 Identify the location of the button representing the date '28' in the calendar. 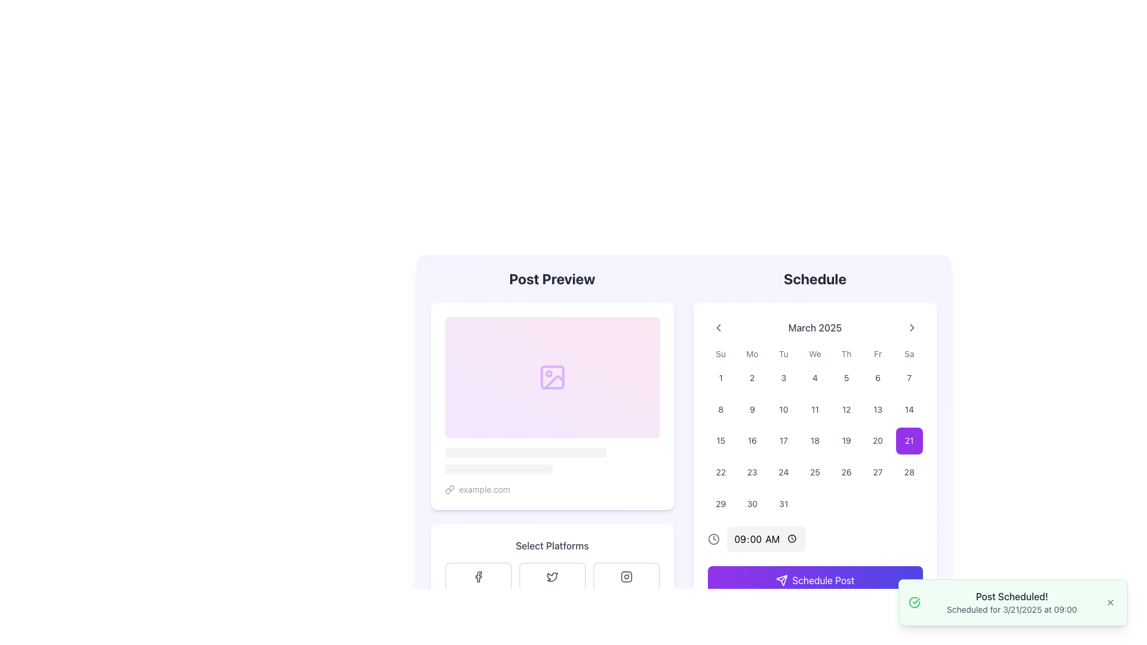
(909, 471).